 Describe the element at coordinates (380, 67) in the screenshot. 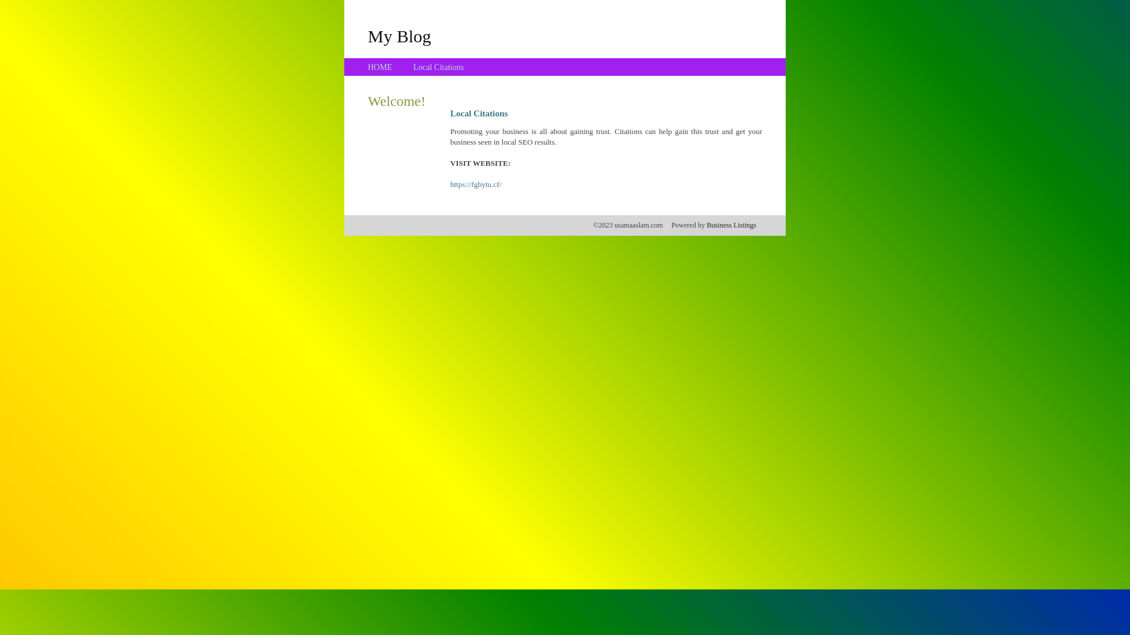

I see `'HOME'` at that location.